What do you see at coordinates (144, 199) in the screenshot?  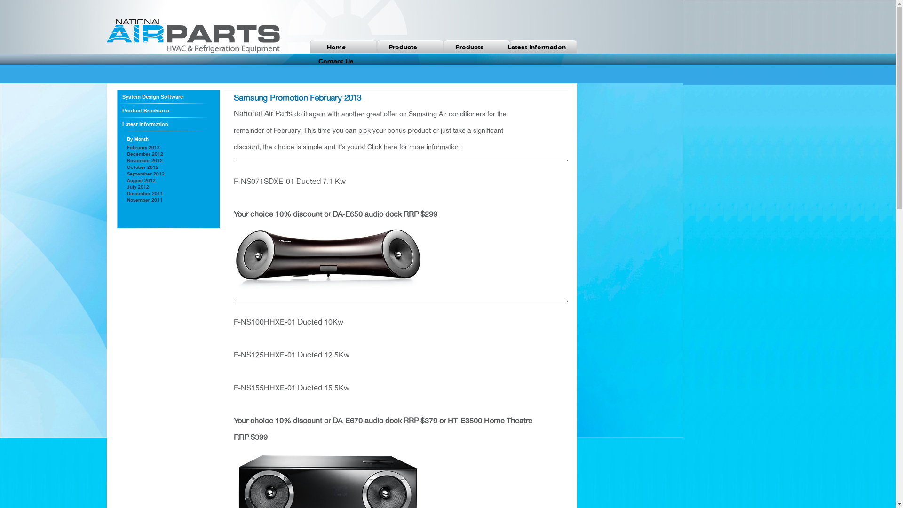 I see `'November 2011'` at bounding box center [144, 199].